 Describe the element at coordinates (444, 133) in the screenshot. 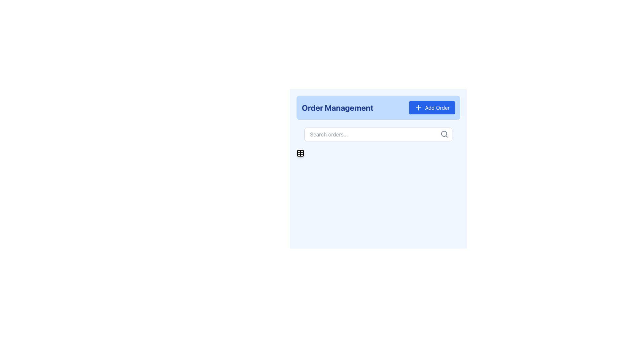

I see `the inner circle of the magnifying glass graphic that is part of the search icon located at the right side of the 'Search orders...' text input field` at that location.